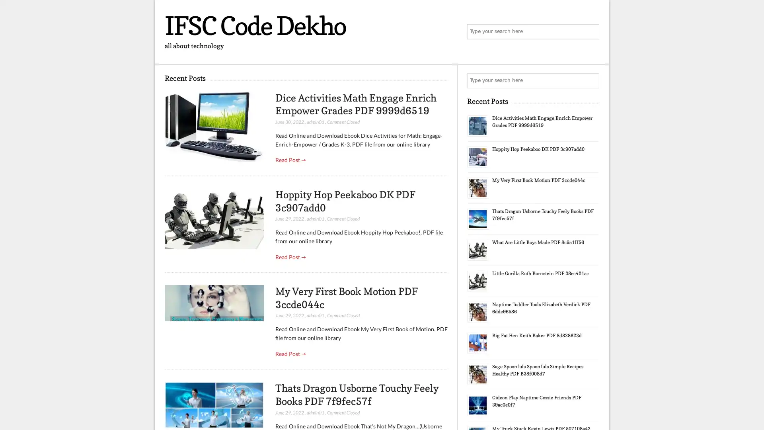 The image size is (764, 430). What do you see at coordinates (591, 81) in the screenshot?
I see `Search` at bounding box center [591, 81].